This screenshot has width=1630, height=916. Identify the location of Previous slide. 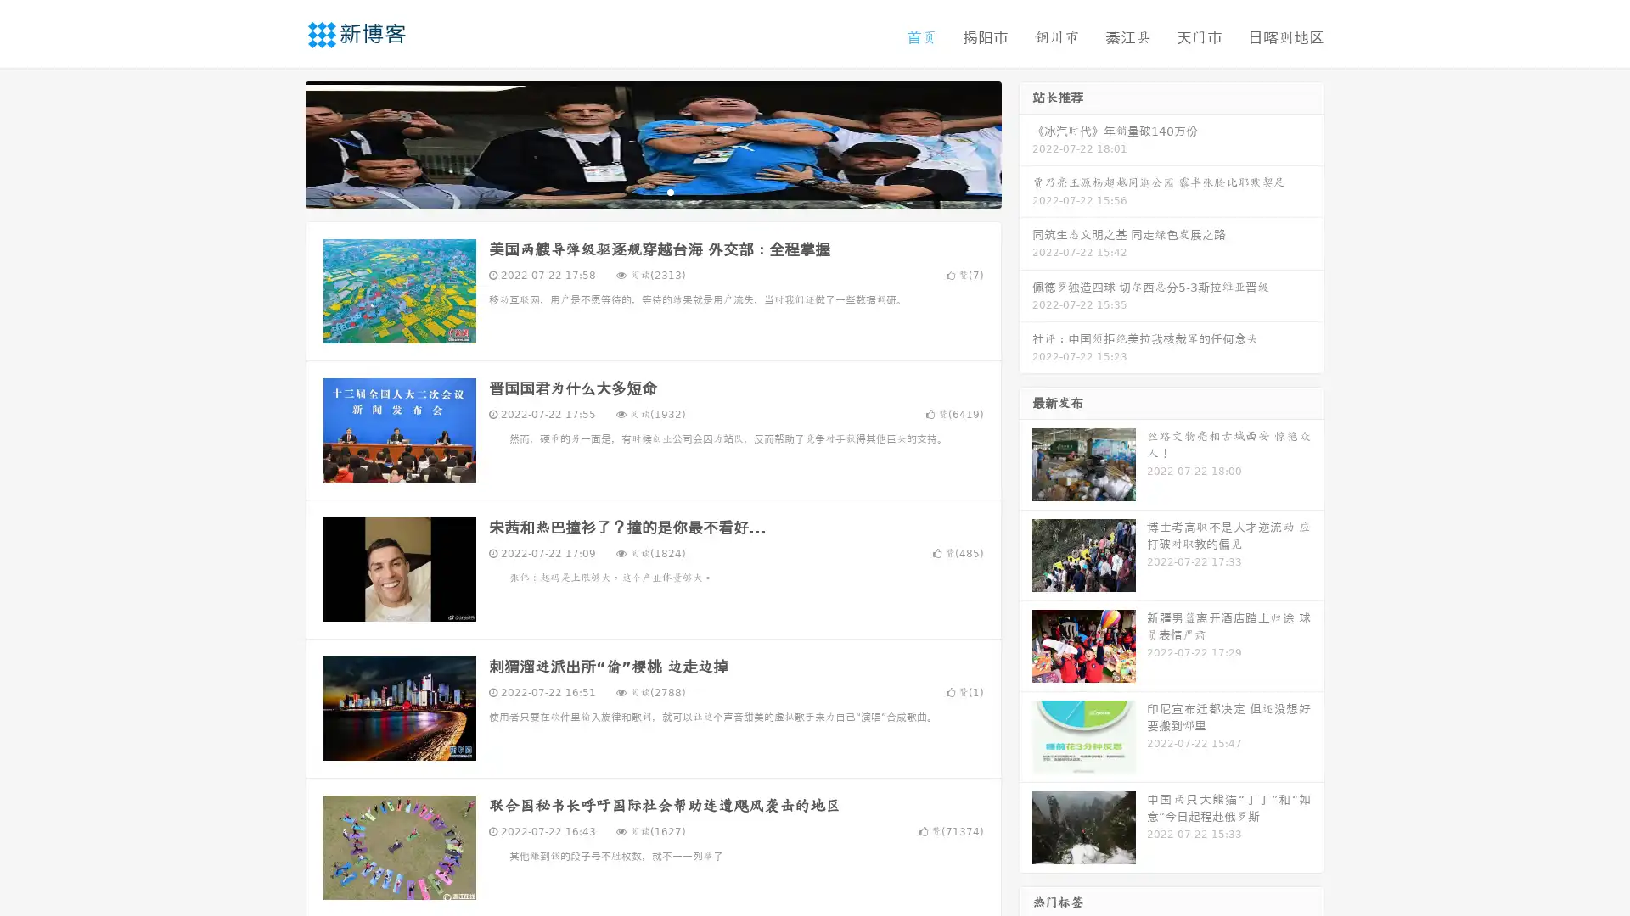
(280, 142).